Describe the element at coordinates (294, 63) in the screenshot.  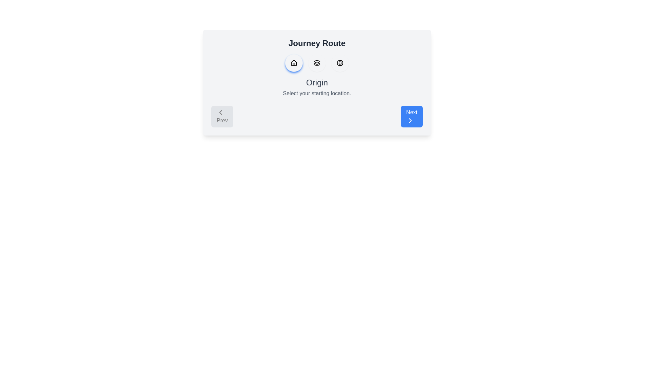
I see `the 'Home' Icon button located beneath the 'Journey Route' heading` at that location.